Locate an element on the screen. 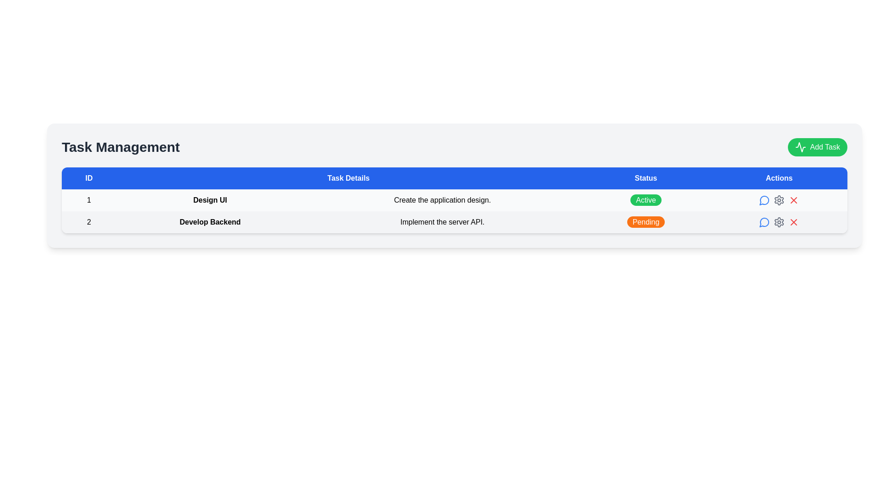  the small waveform icon located to the left of the 'Add Task' button is located at coordinates (800, 146).